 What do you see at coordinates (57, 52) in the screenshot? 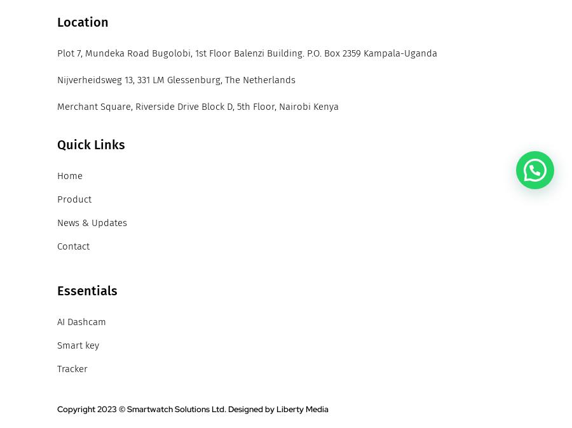
I see `'Plot 7, Mundeka Road Bugolobi, 1st Floor Balenzi Building. P.O. Box 2359 Kampala-Uganda'` at bounding box center [57, 52].